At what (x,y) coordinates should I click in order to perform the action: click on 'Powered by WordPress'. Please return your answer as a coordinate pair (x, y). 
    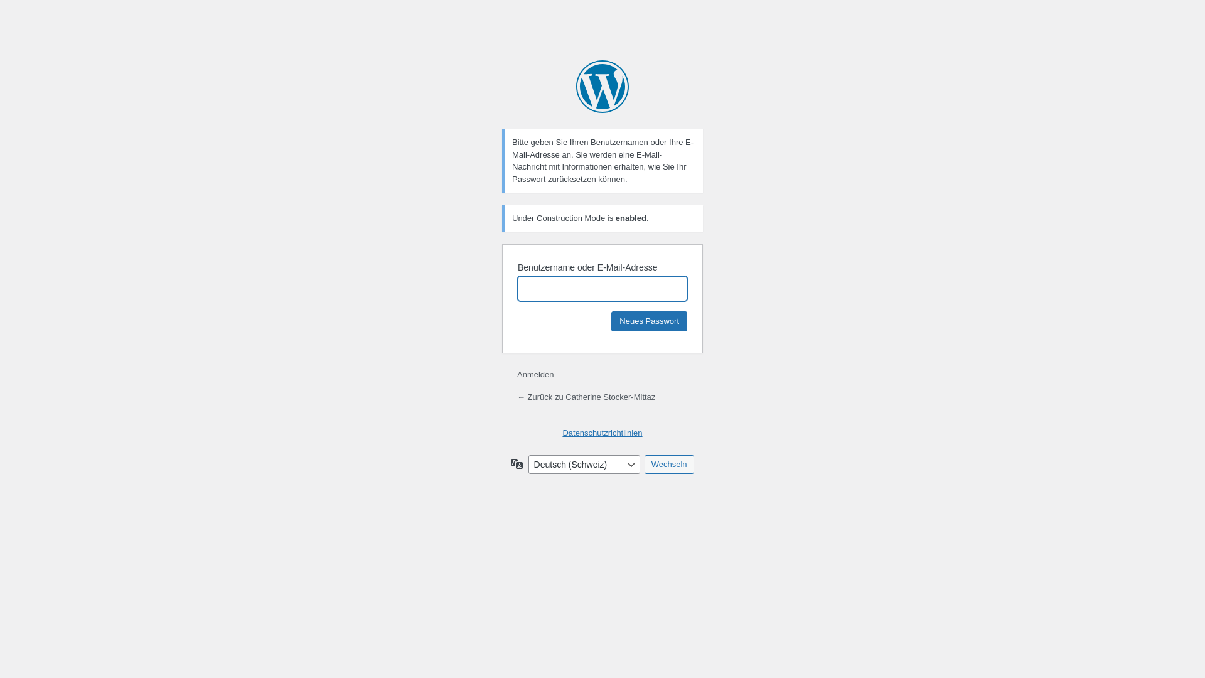
    Looking at the image, I should click on (602, 86).